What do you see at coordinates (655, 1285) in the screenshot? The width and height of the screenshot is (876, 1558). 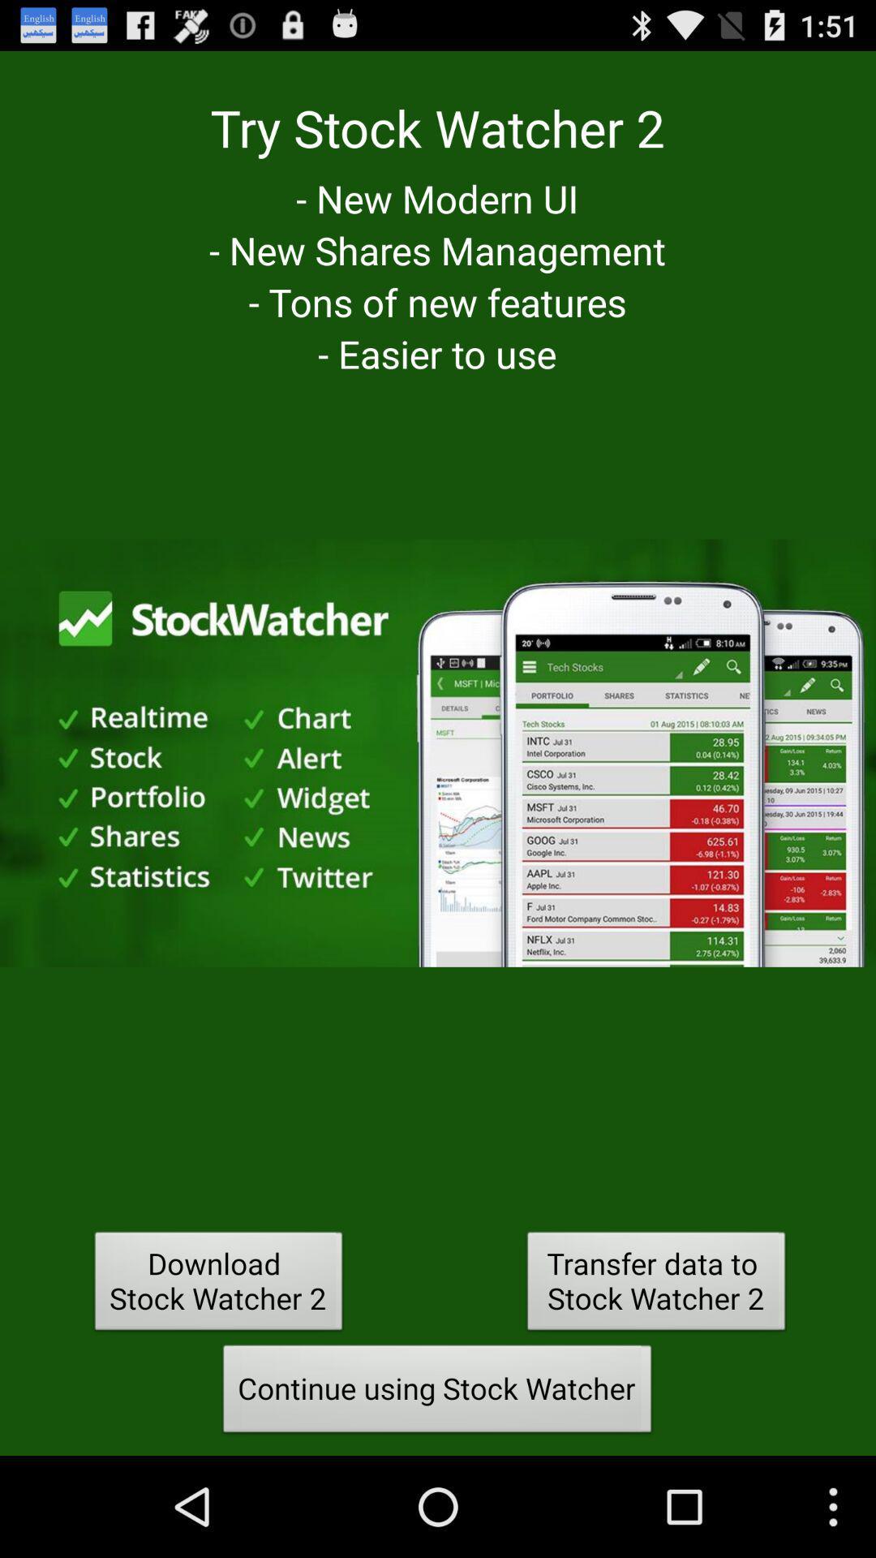 I see `item above the continue using stock item` at bounding box center [655, 1285].